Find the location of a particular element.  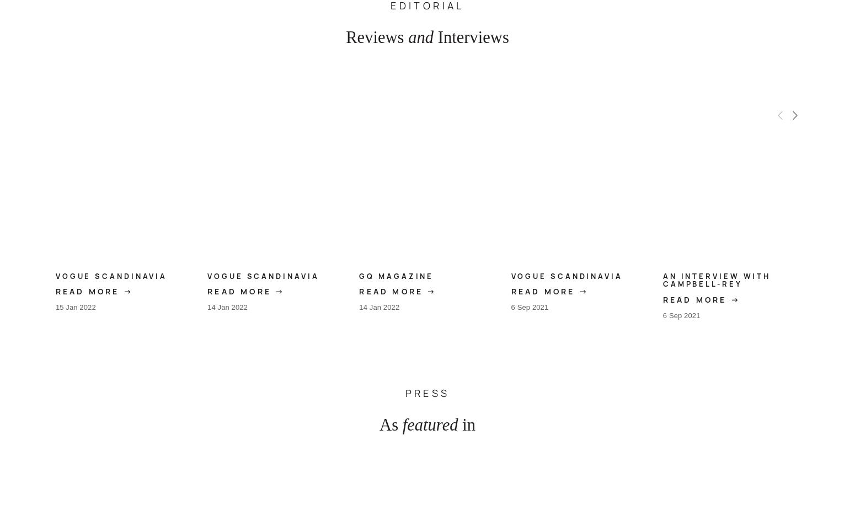

'As' is located at coordinates (391, 423).